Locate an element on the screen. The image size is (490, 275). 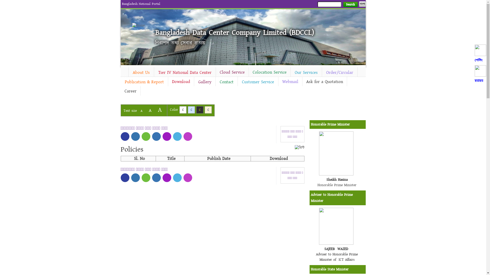
'Publication & Report' is located at coordinates (120, 81).